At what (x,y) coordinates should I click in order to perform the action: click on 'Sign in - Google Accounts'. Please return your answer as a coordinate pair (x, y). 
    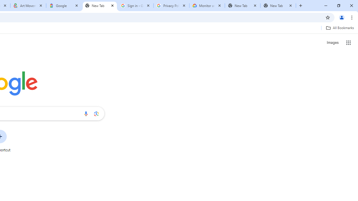
    Looking at the image, I should click on (136, 6).